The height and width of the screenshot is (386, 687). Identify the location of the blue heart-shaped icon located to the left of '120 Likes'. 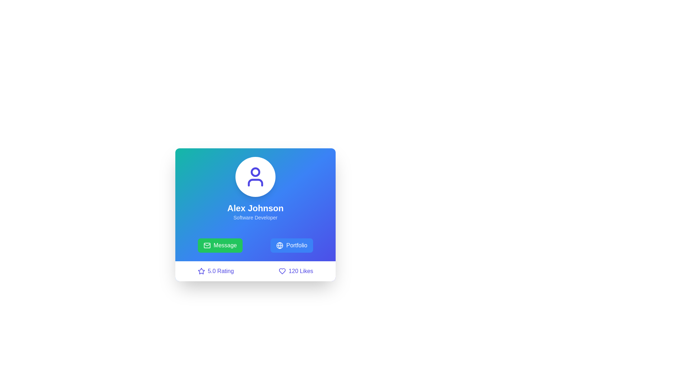
(282, 271).